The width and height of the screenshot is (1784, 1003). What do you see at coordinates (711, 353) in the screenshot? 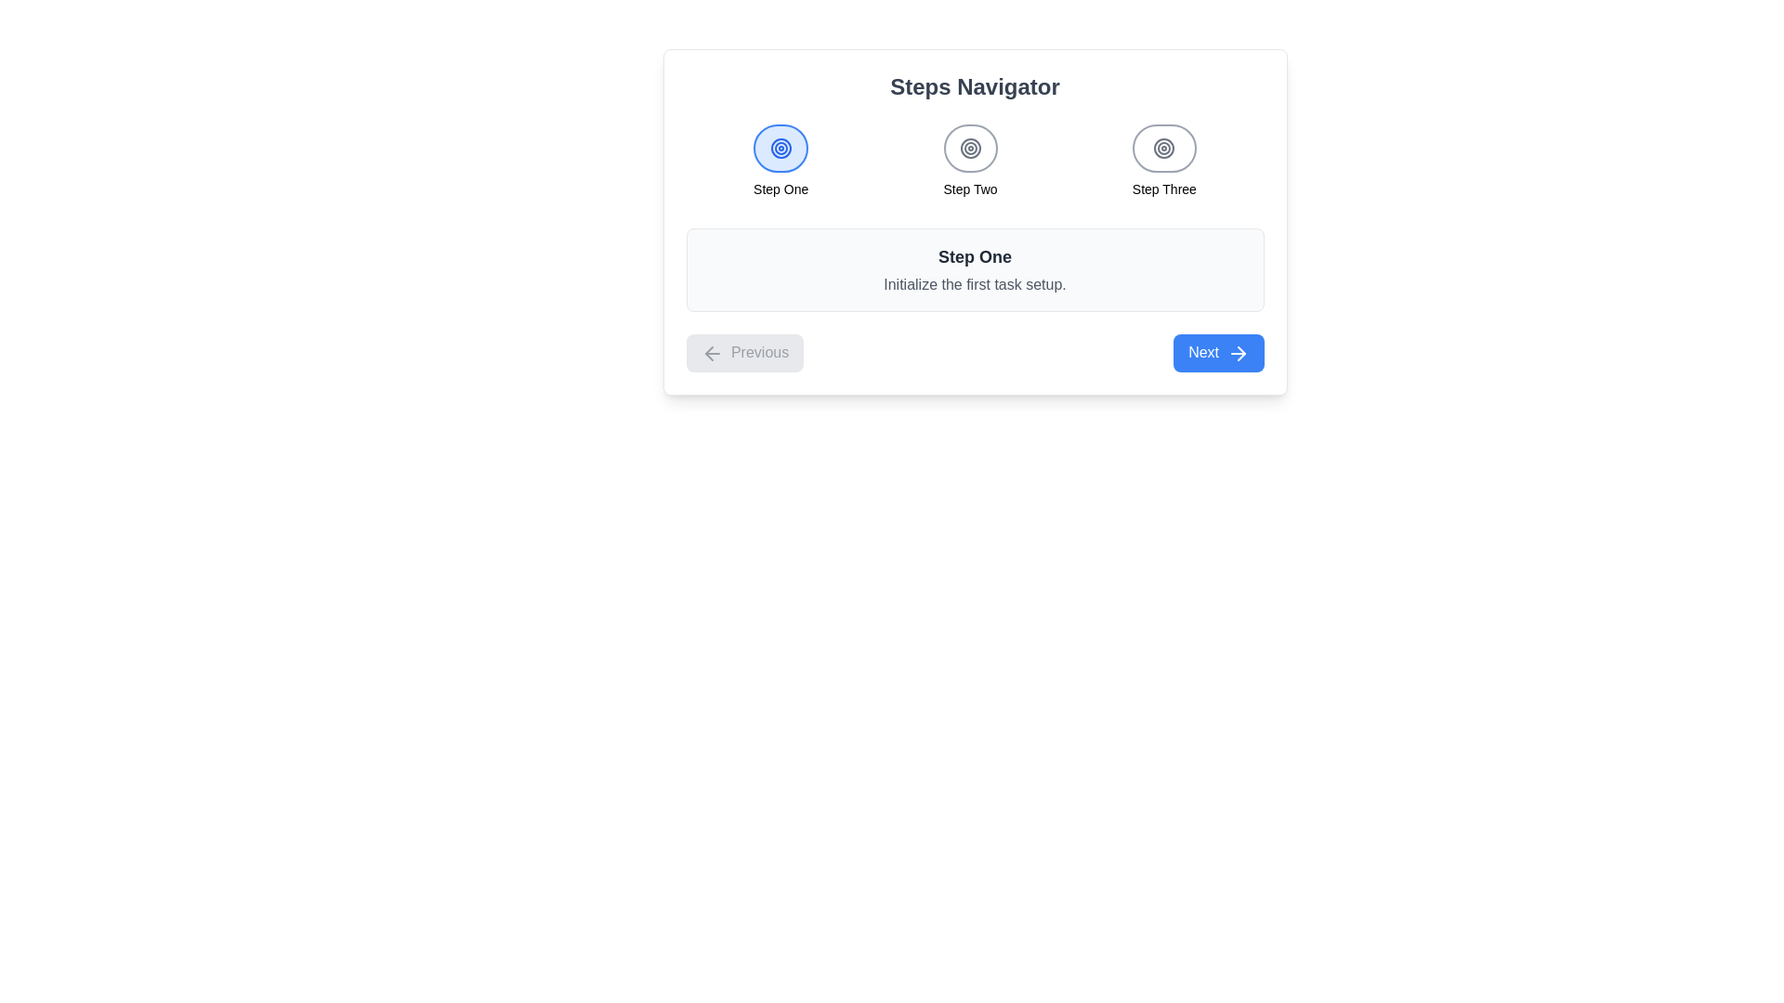
I see `the 'Previous' button which contains the SVG arrow icon, indicating backward navigation` at bounding box center [711, 353].